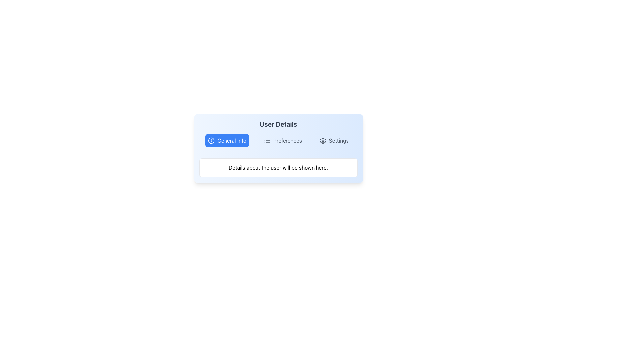 The width and height of the screenshot is (633, 356). Describe the element at coordinates (283, 140) in the screenshot. I see `the second button under 'User Details'` at that location.